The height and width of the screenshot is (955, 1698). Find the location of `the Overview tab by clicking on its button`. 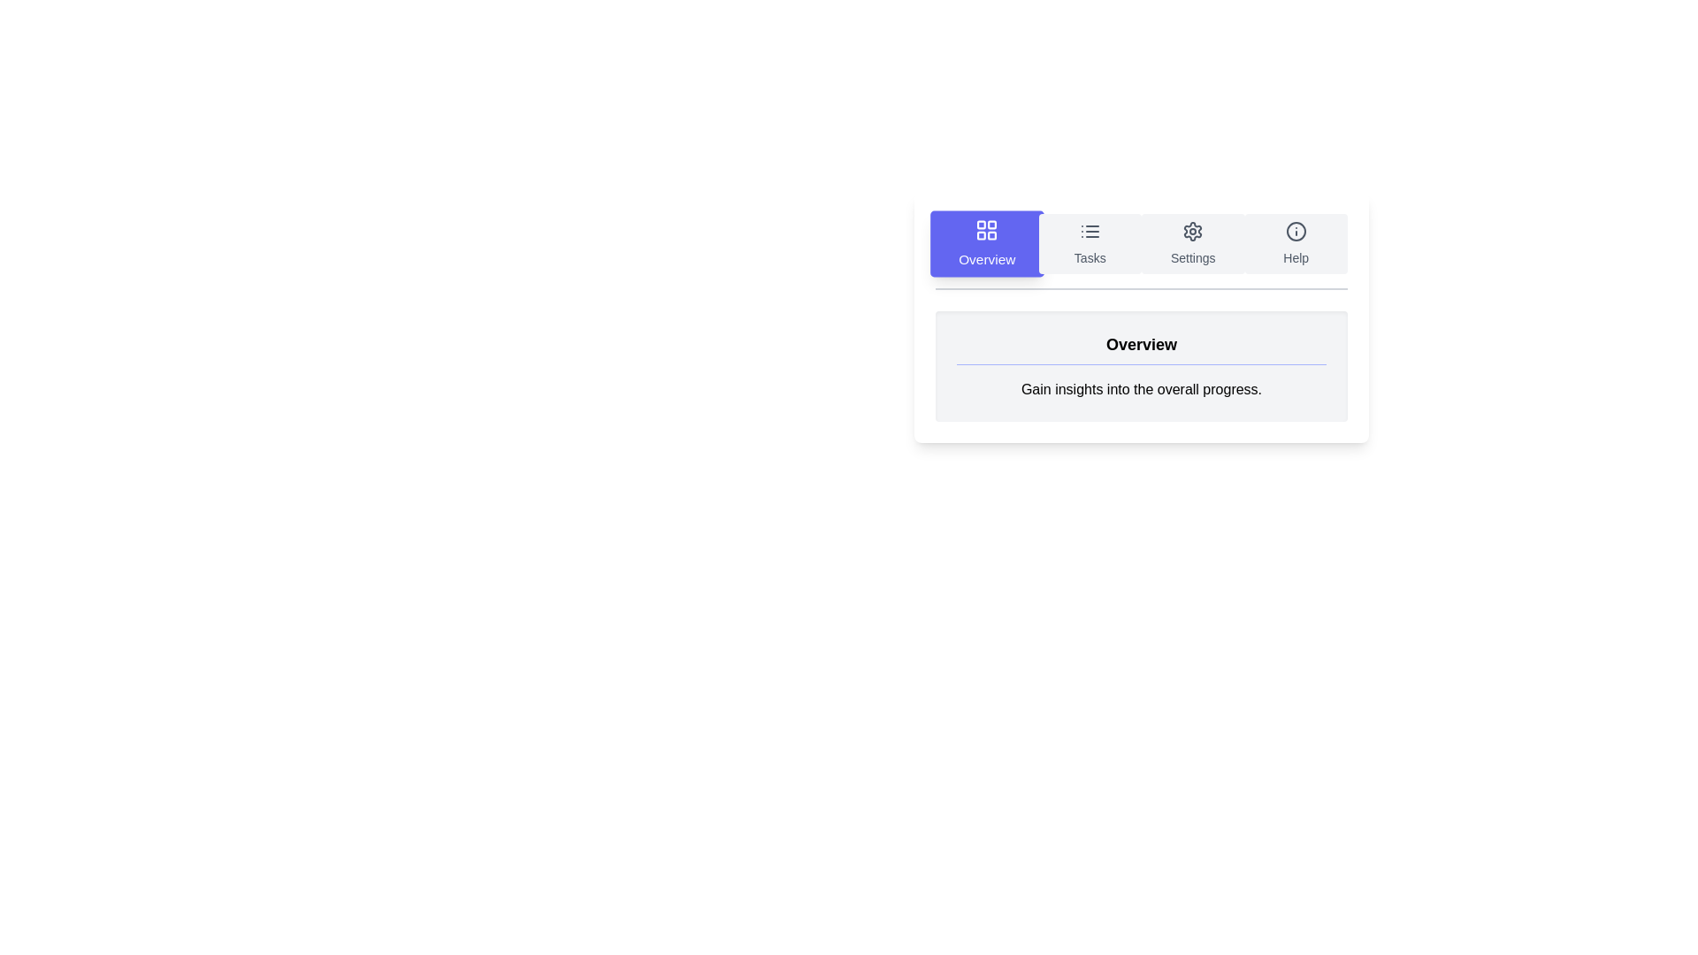

the Overview tab by clicking on its button is located at coordinates (986, 244).